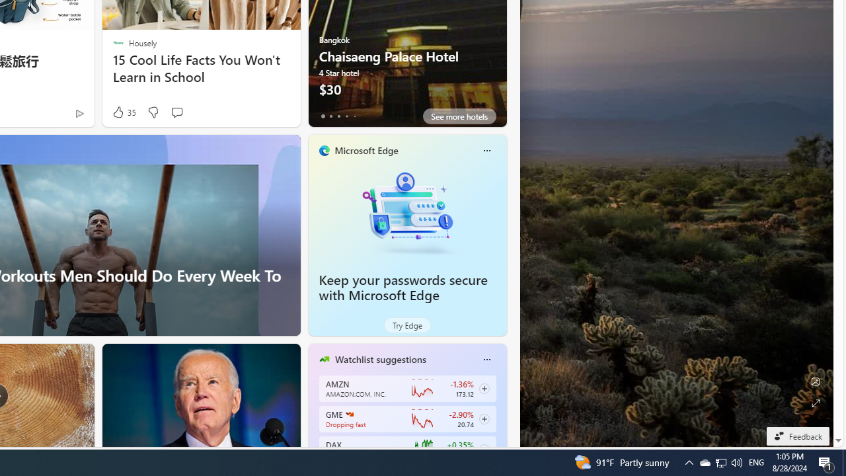 Image resolution: width=846 pixels, height=476 pixels. Describe the element at coordinates (366, 149) in the screenshot. I see `'Microsoft Edge'` at that location.